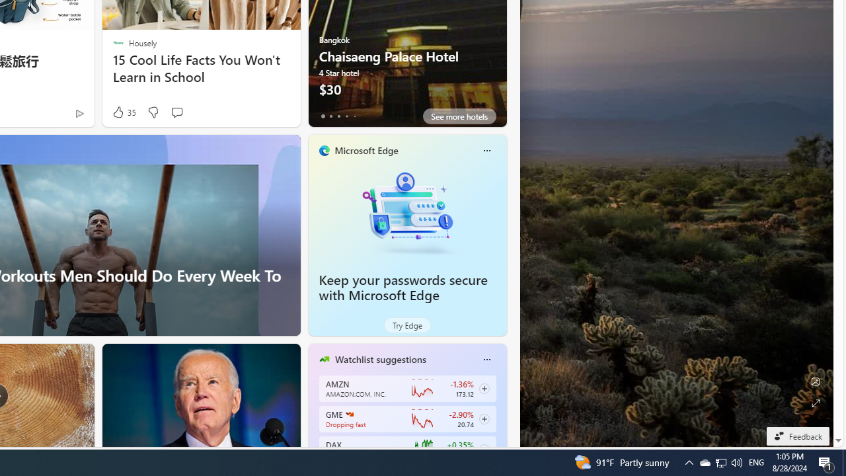 Image resolution: width=846 pixels, height=476 pixels. Describe the element at coordinates (366, 149) in the screenshot. I see `'Microsoft Edge'` at that location.